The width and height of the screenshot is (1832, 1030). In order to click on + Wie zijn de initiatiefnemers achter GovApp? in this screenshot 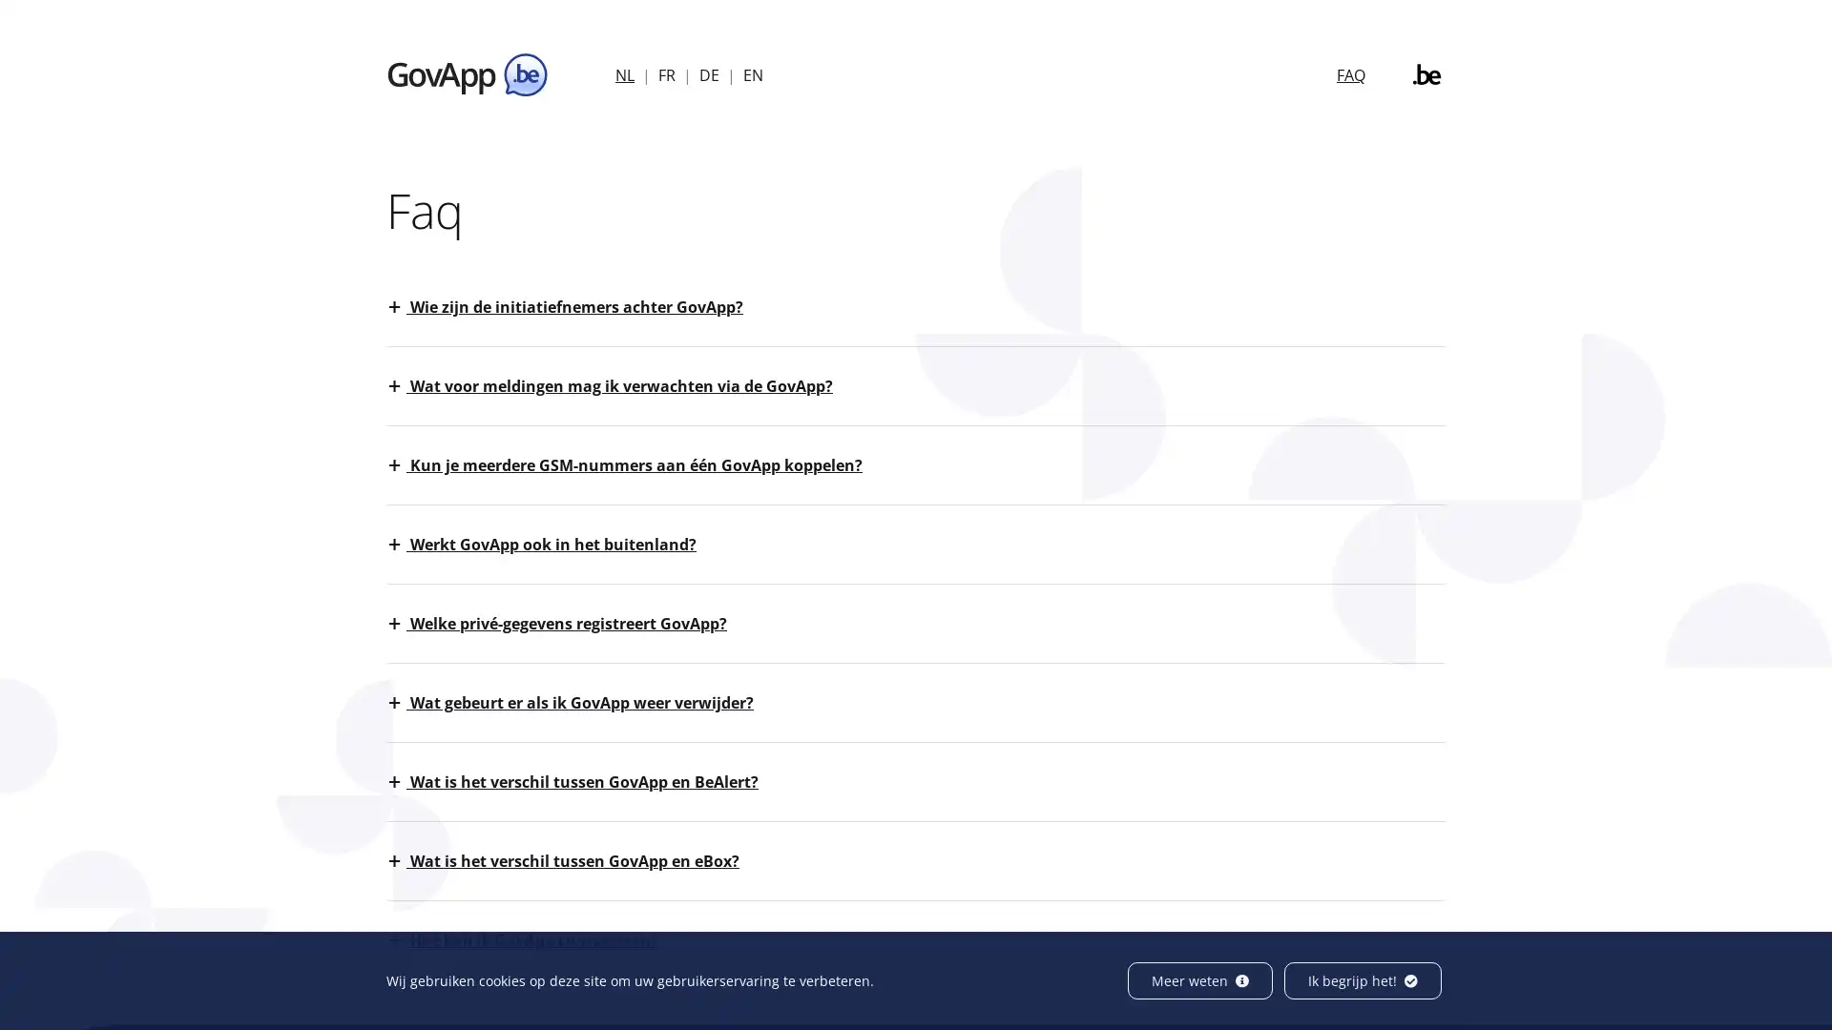, I will do `click(575, 305)`.